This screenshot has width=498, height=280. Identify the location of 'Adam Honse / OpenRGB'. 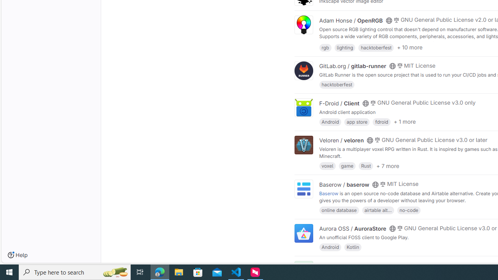
(351, 20).